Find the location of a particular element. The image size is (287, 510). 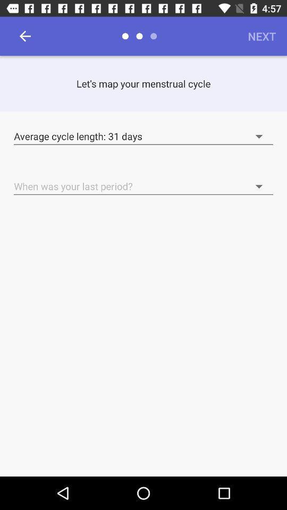

the downward arrow which is beside when was your last period is located at coordinates (231, 181).